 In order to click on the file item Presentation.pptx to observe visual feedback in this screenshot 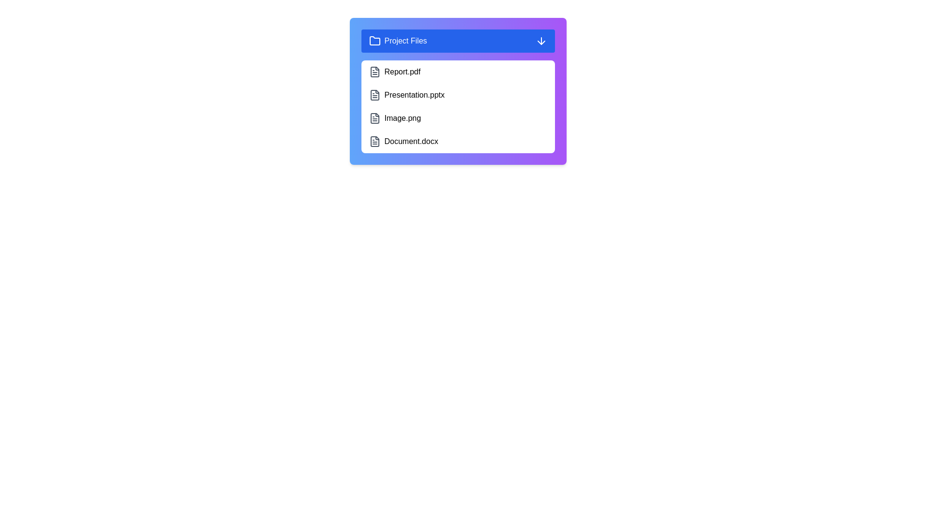, I will do `click(457, 95)`.